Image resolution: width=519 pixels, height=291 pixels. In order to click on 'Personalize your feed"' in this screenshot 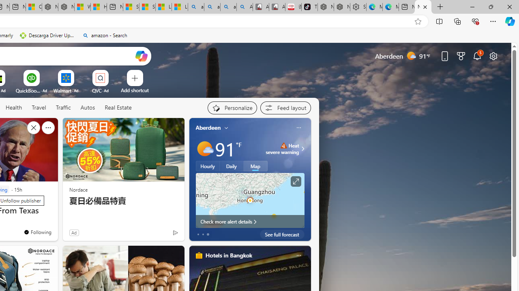, I will do `click(232, 108)`.